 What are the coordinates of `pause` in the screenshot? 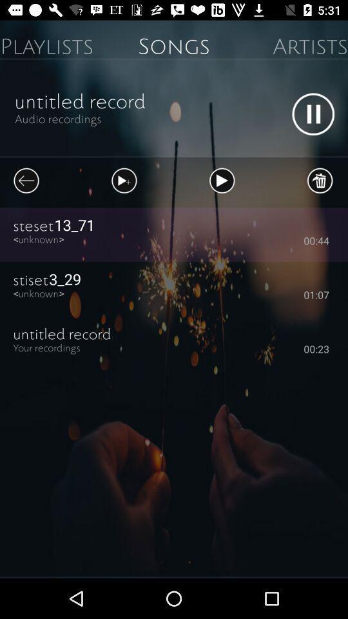 It's located at (313, 113).